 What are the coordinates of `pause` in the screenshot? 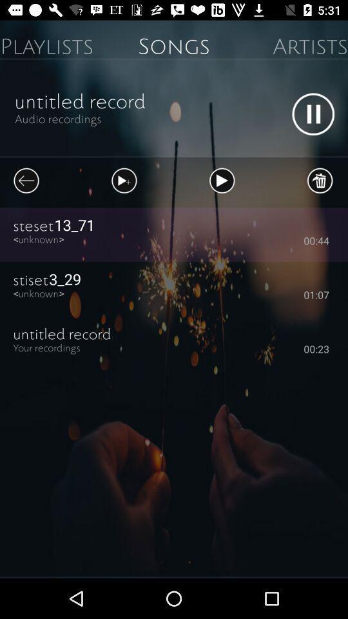 It's located at (313, 113).